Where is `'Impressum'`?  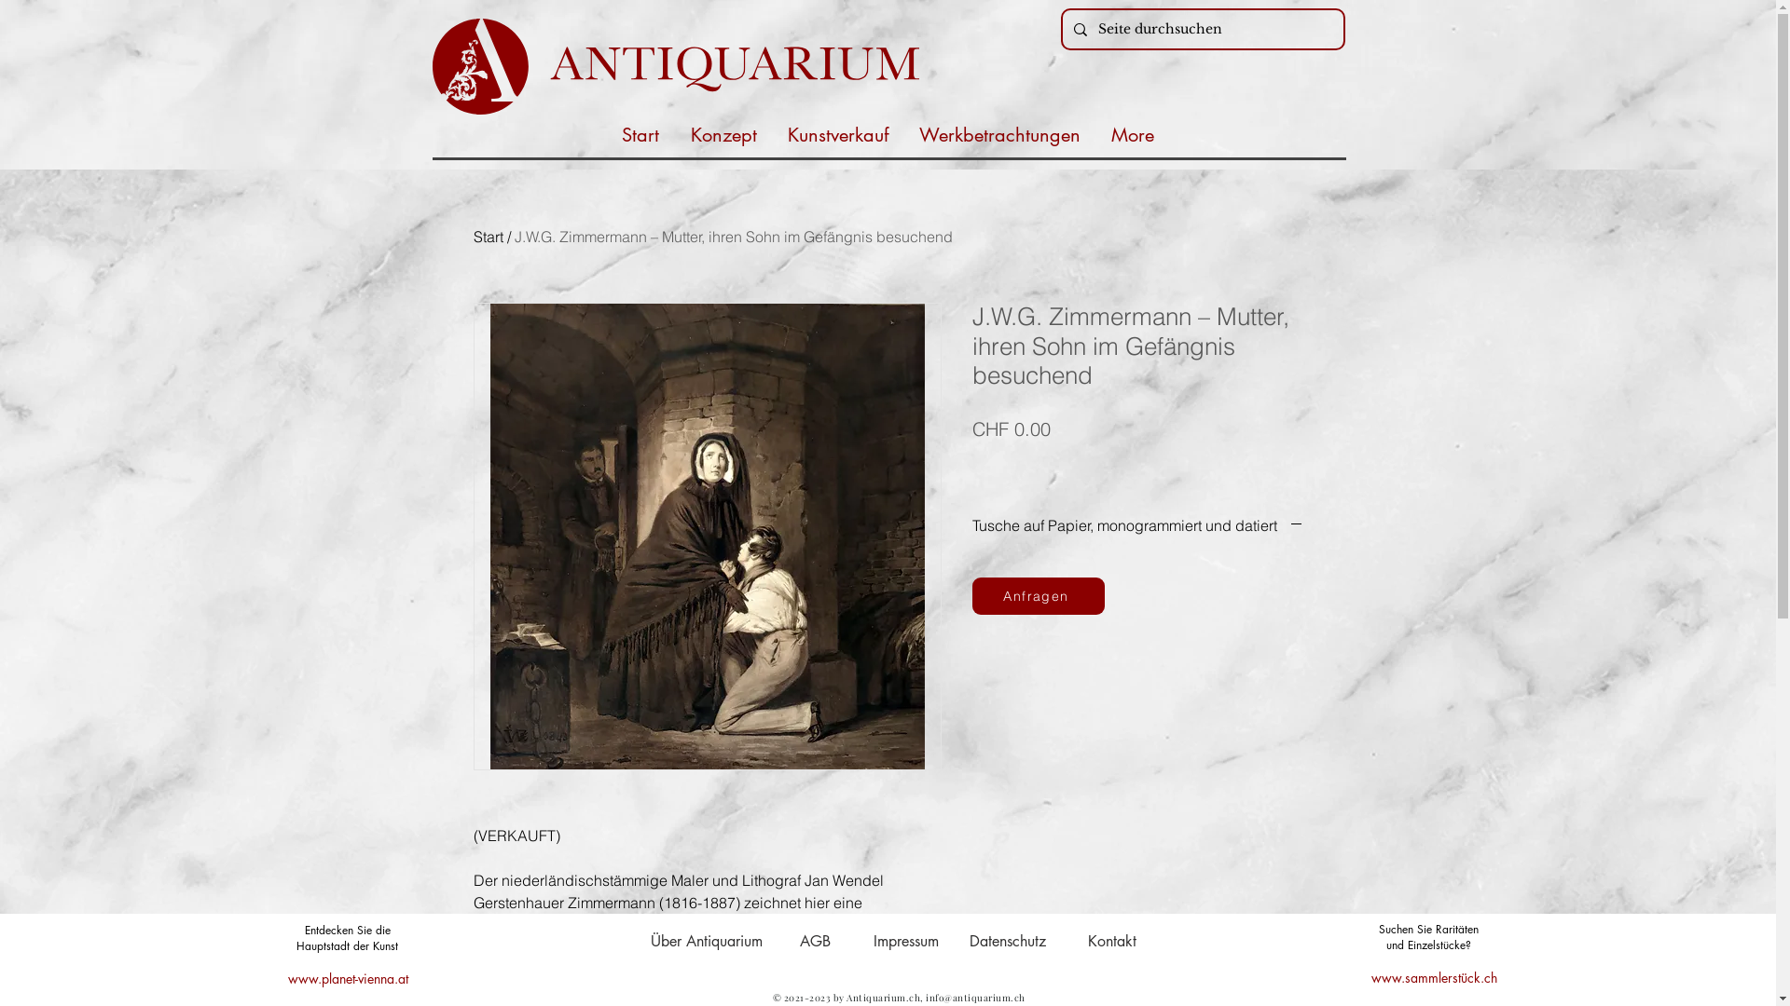
'Impressum' is located at coordinates (904, 941).